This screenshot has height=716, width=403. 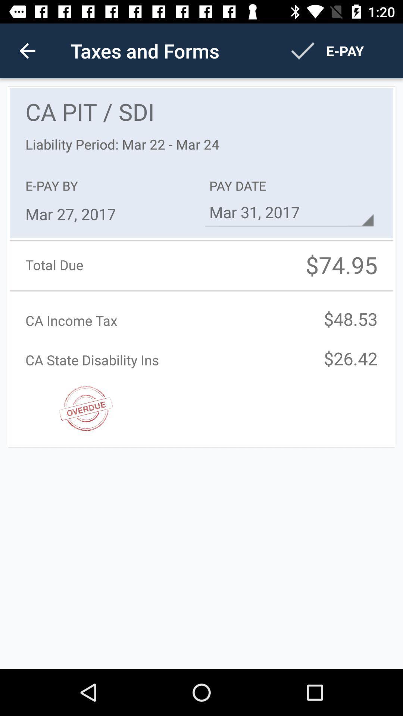 I want to click on the icon next to the taxes and forms item, so click(x=27, y=50).